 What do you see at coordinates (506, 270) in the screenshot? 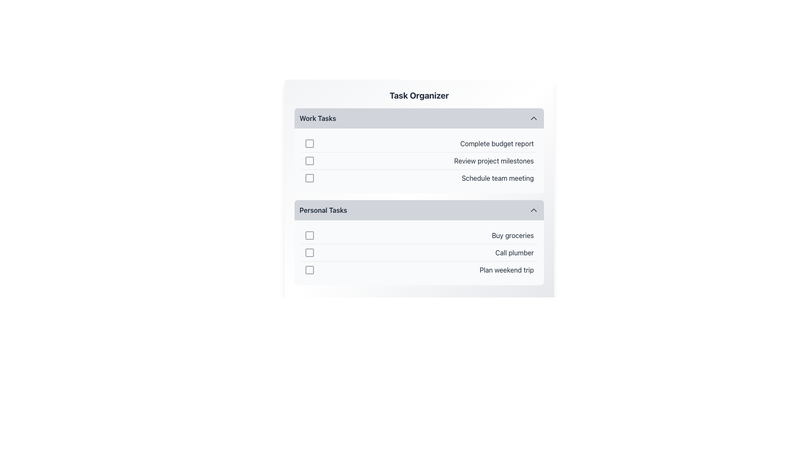
I see `the text label that displays 'Plan weekend trip' located in the third task item under the 'Personal Tasks' section` at bounding box center [506, 270].